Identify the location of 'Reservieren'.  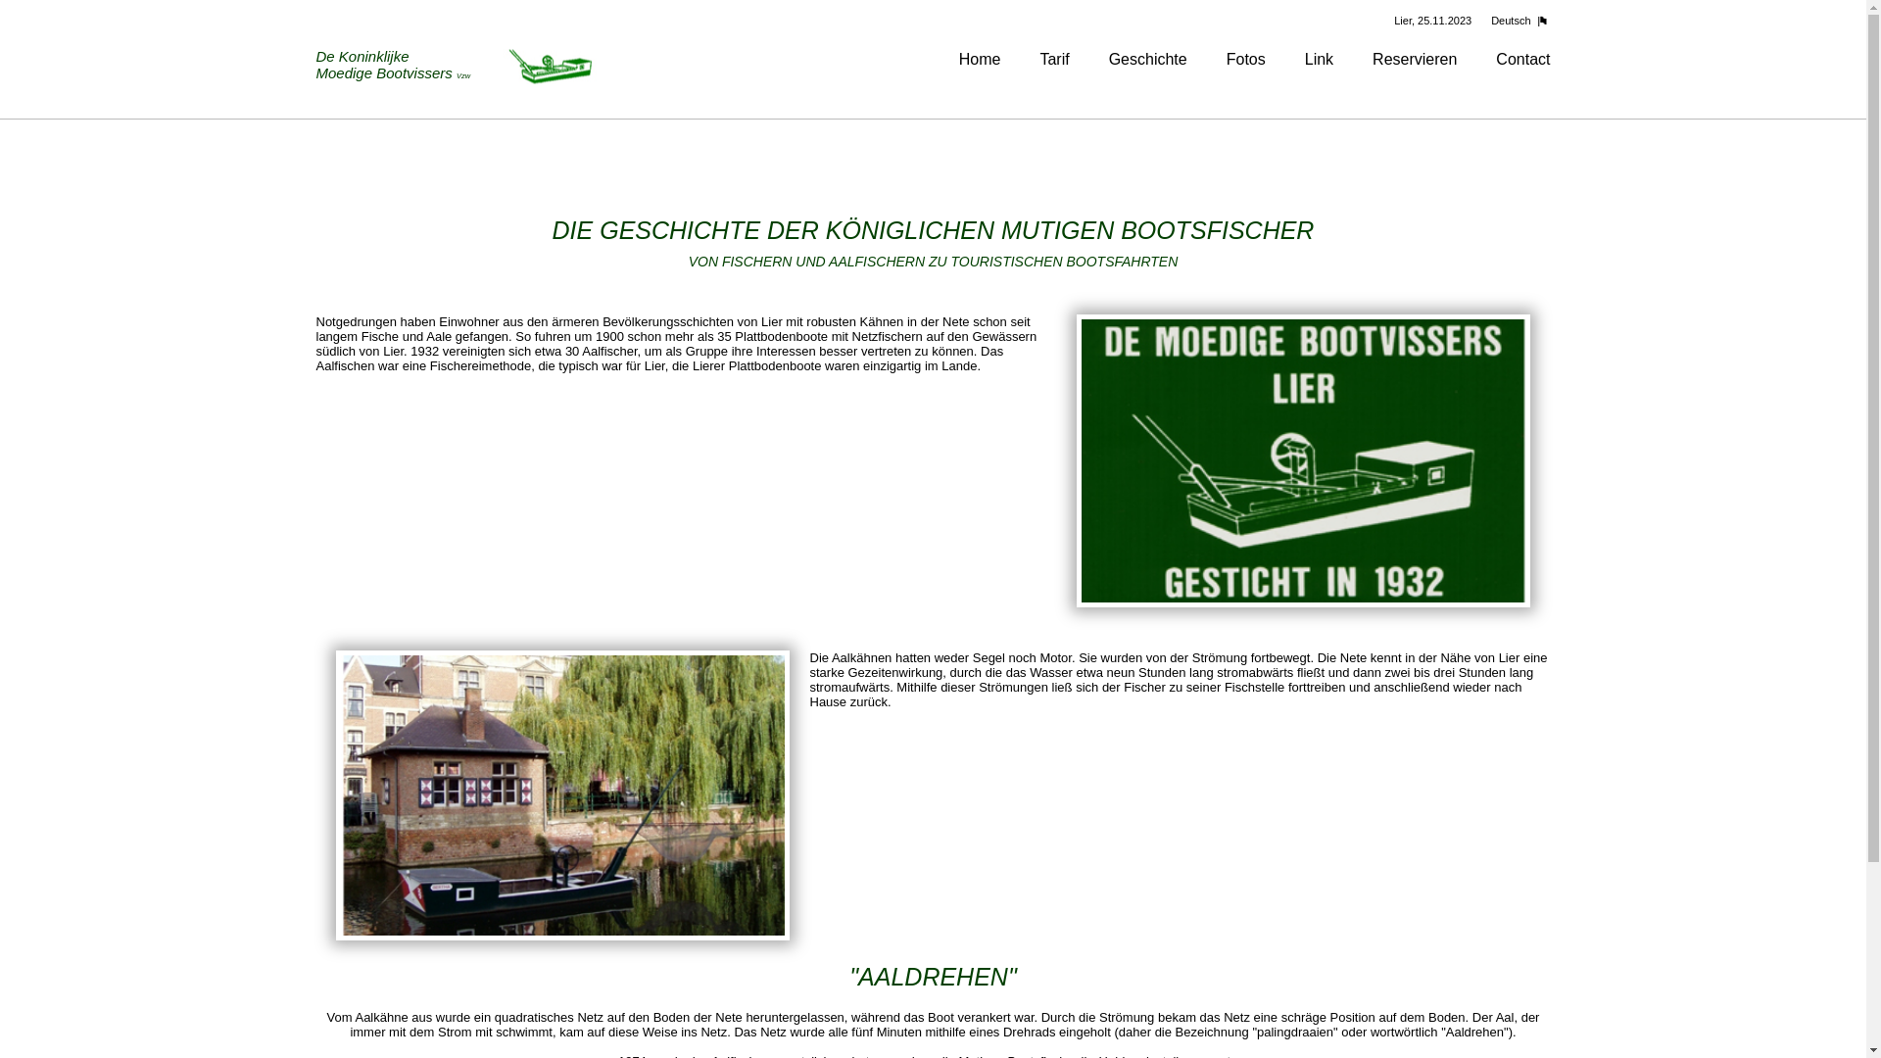
(1415, 58).